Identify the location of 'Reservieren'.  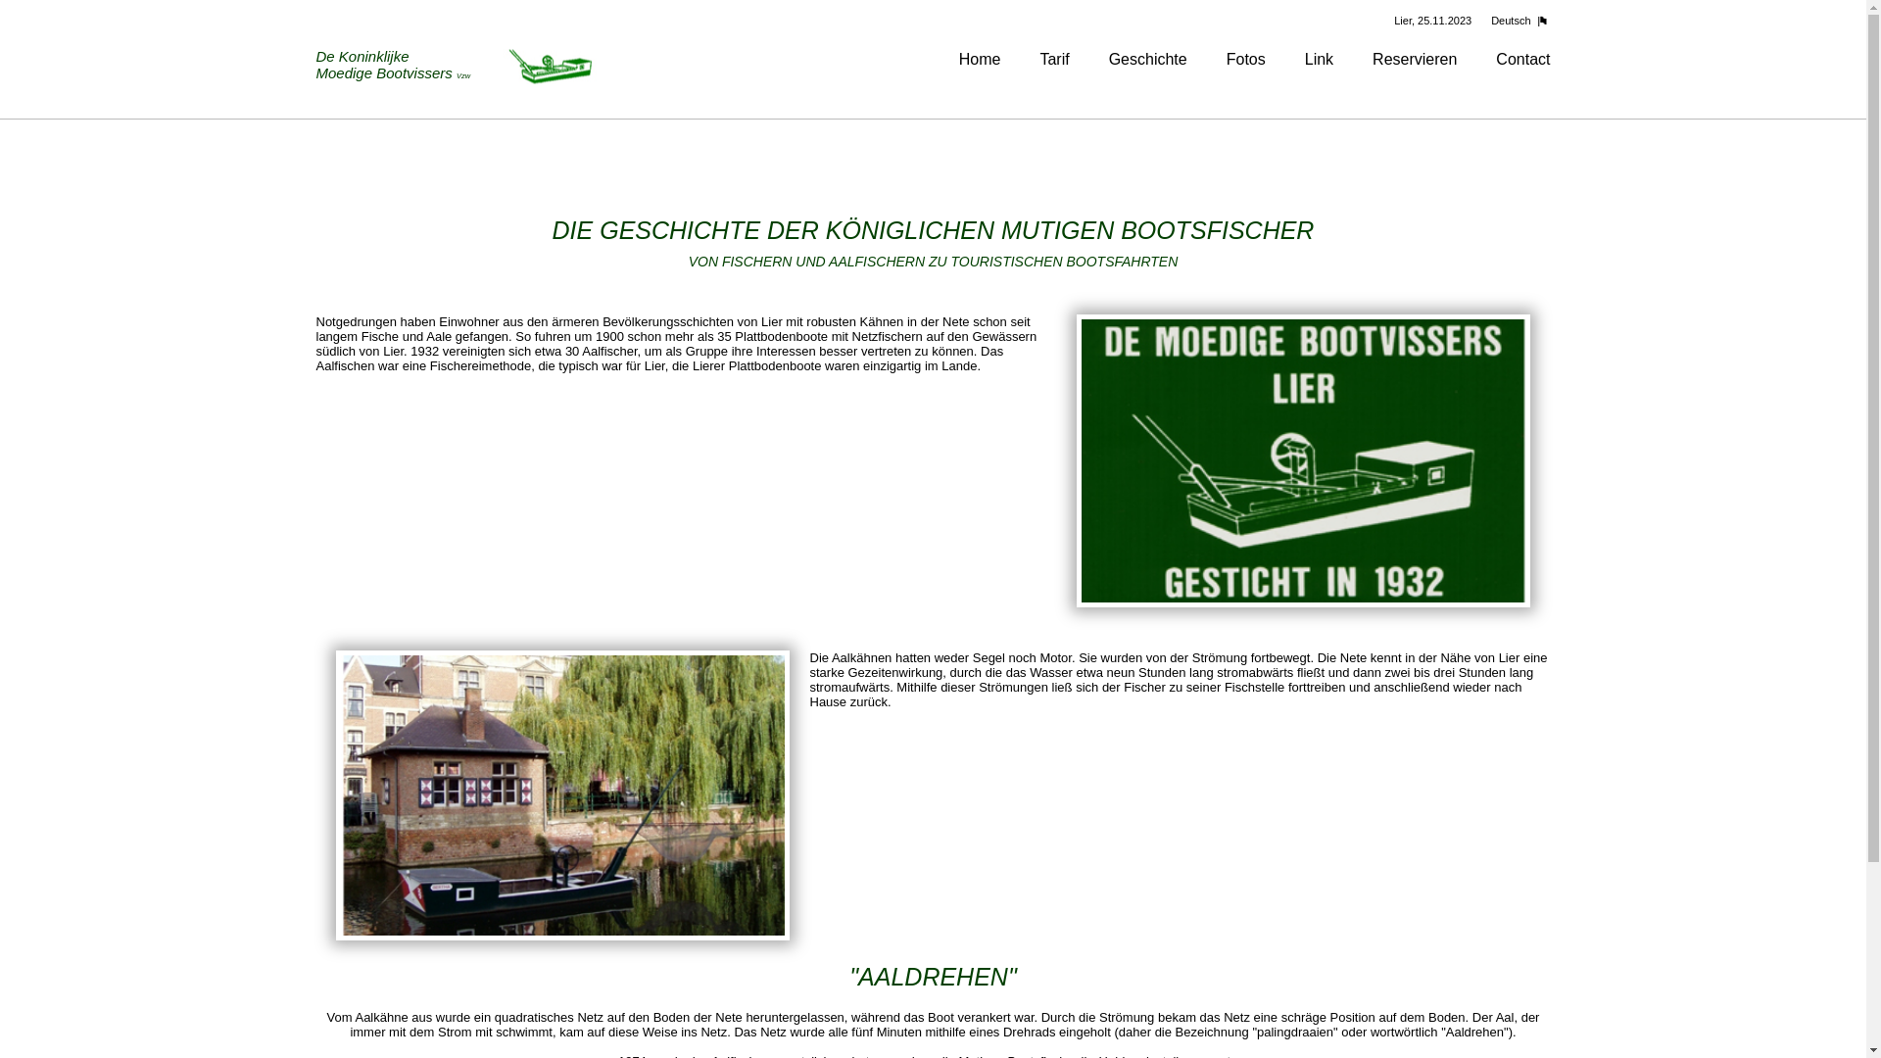
(1415, 58).